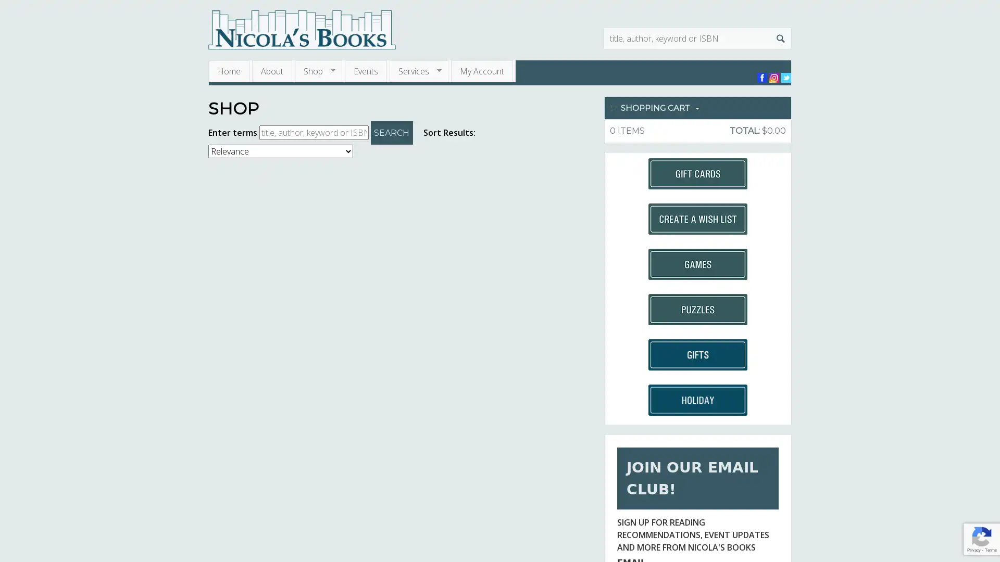  Describe the element at coordinates (780, 37) in the screenshot. I see `Search` at that location.